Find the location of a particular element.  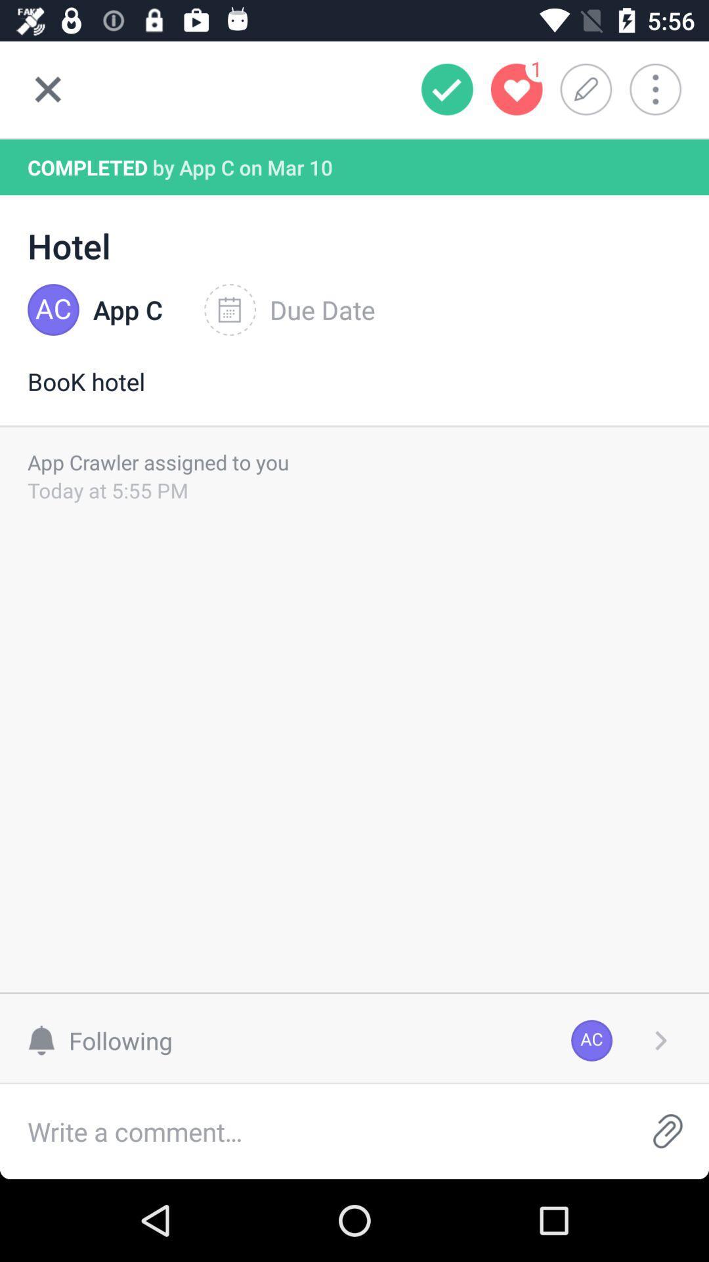

comment is located at coordinates (313, 1131).